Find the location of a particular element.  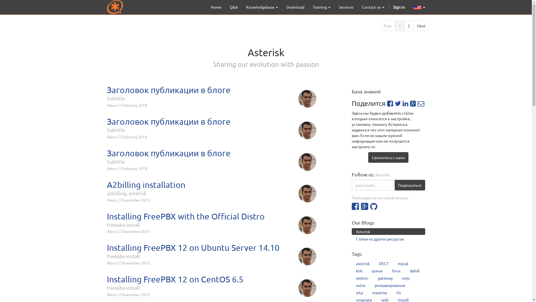

'Download' is located at coordinates (295, 7).